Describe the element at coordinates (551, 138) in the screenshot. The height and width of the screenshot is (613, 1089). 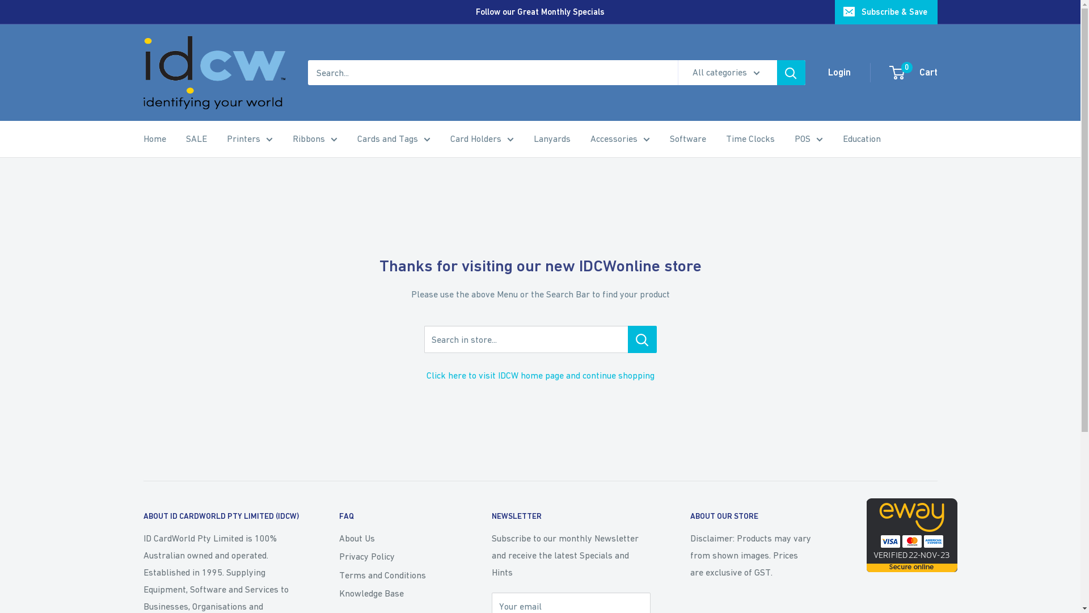
I see `'Lanyards'` at that location.